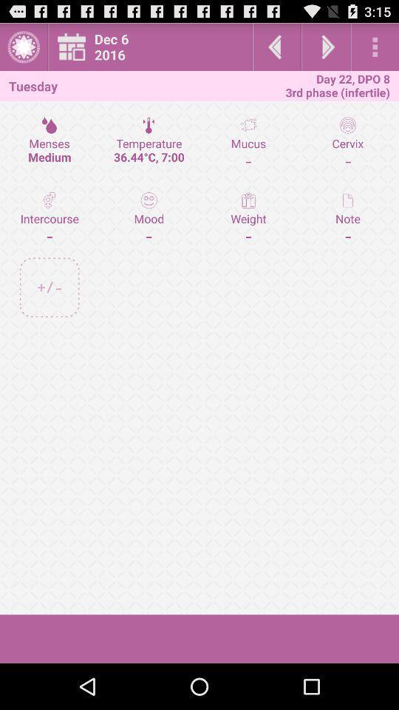 The width and height of the screenshot is (399, 710). What do you see at coordinates (23, 47) in the screenshot?
I see `access your profile and settings` at bounding box center [23, 47].